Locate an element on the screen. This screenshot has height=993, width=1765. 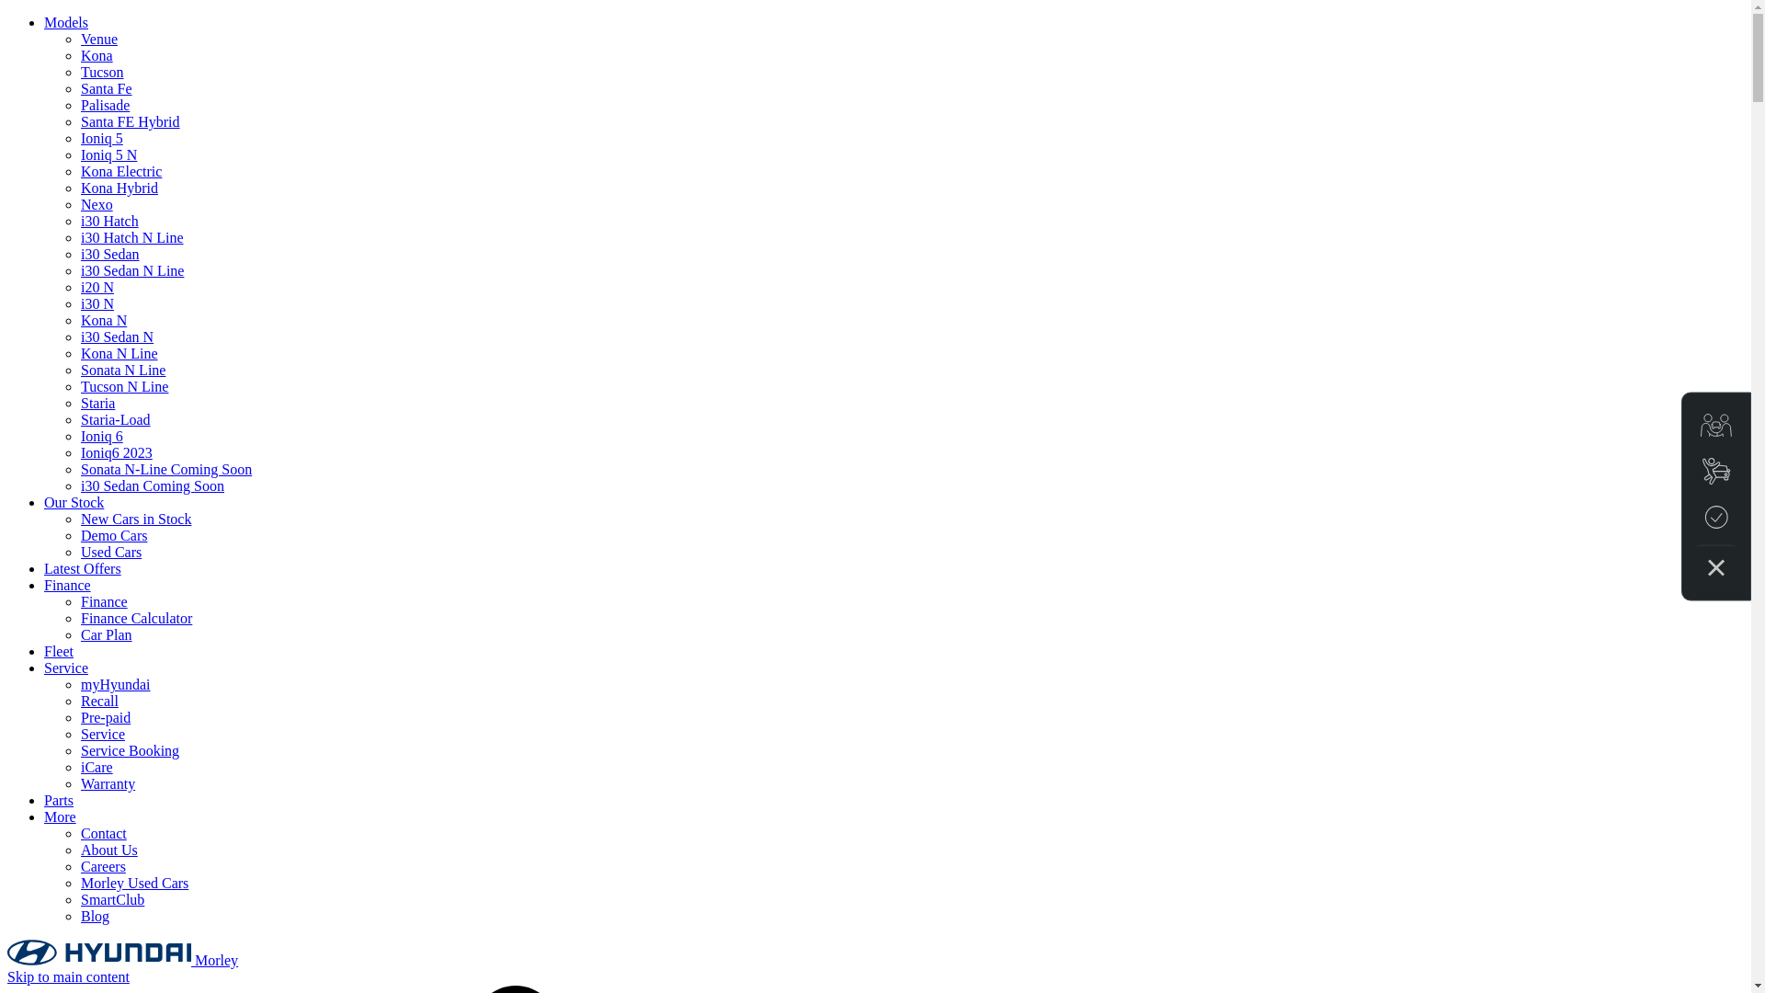
'Latest Offers' is located at coordinates (82, 567).